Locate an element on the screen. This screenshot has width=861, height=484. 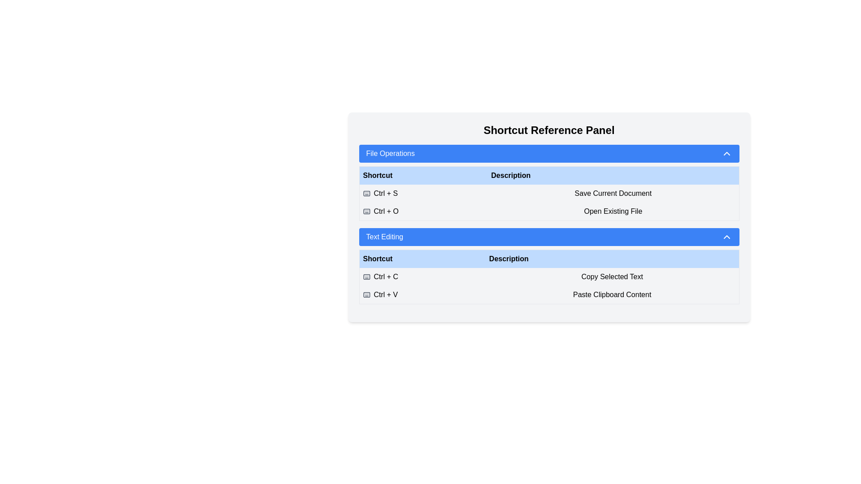
the keyboard icon located in the second row of the 'Shortcut' column in the 'File Operations' section, adjacent to the text 'Ctrl + O' is located at coordinates (366, 211).